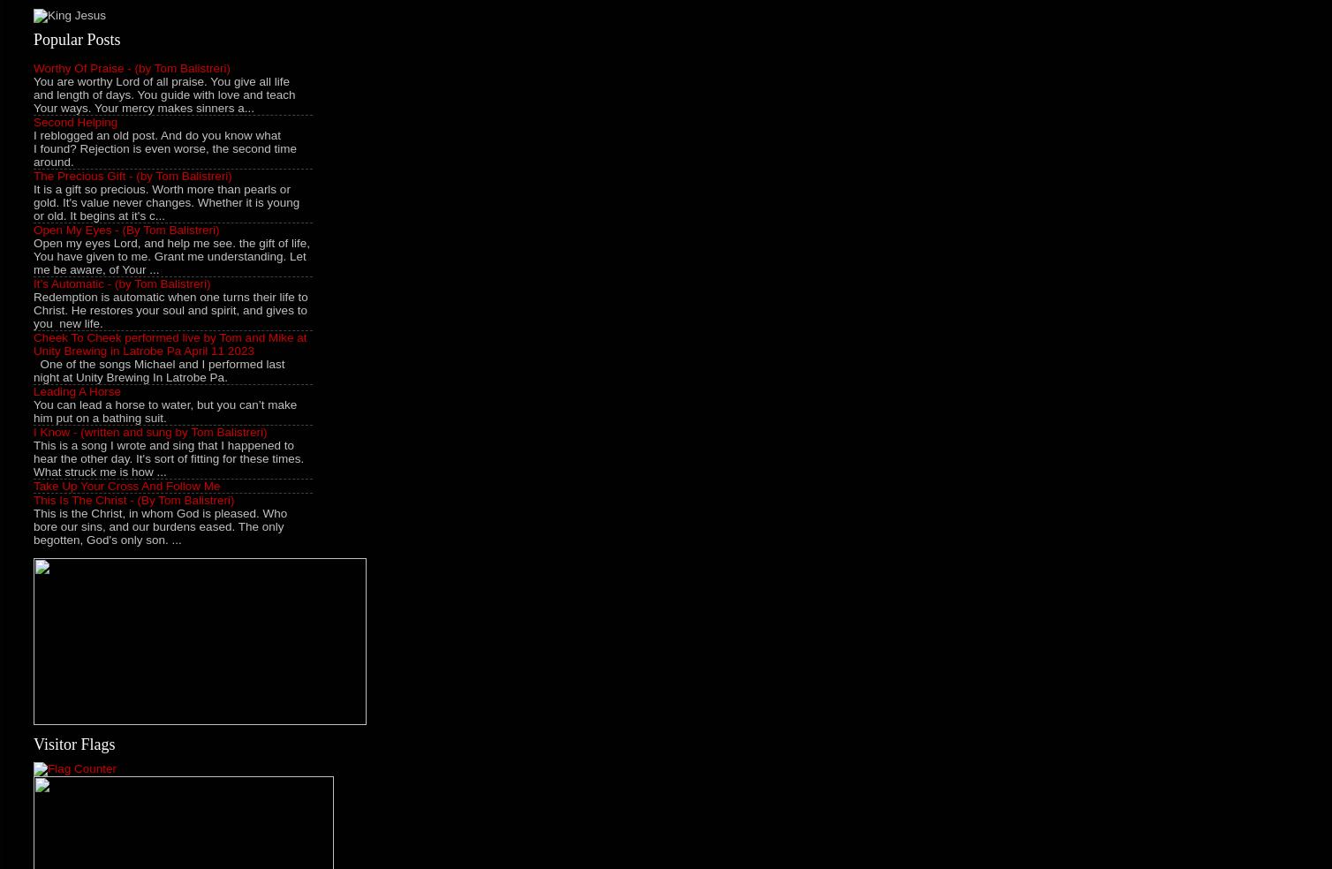 This screenshot has width=1332, height=869. What do you see at coordinates (164, 147) in the screenshot?
I see `'I reblogged an old post. And do you know what I found? Rejection is even worse, the second time around.'` at bounding box center [164, 147].